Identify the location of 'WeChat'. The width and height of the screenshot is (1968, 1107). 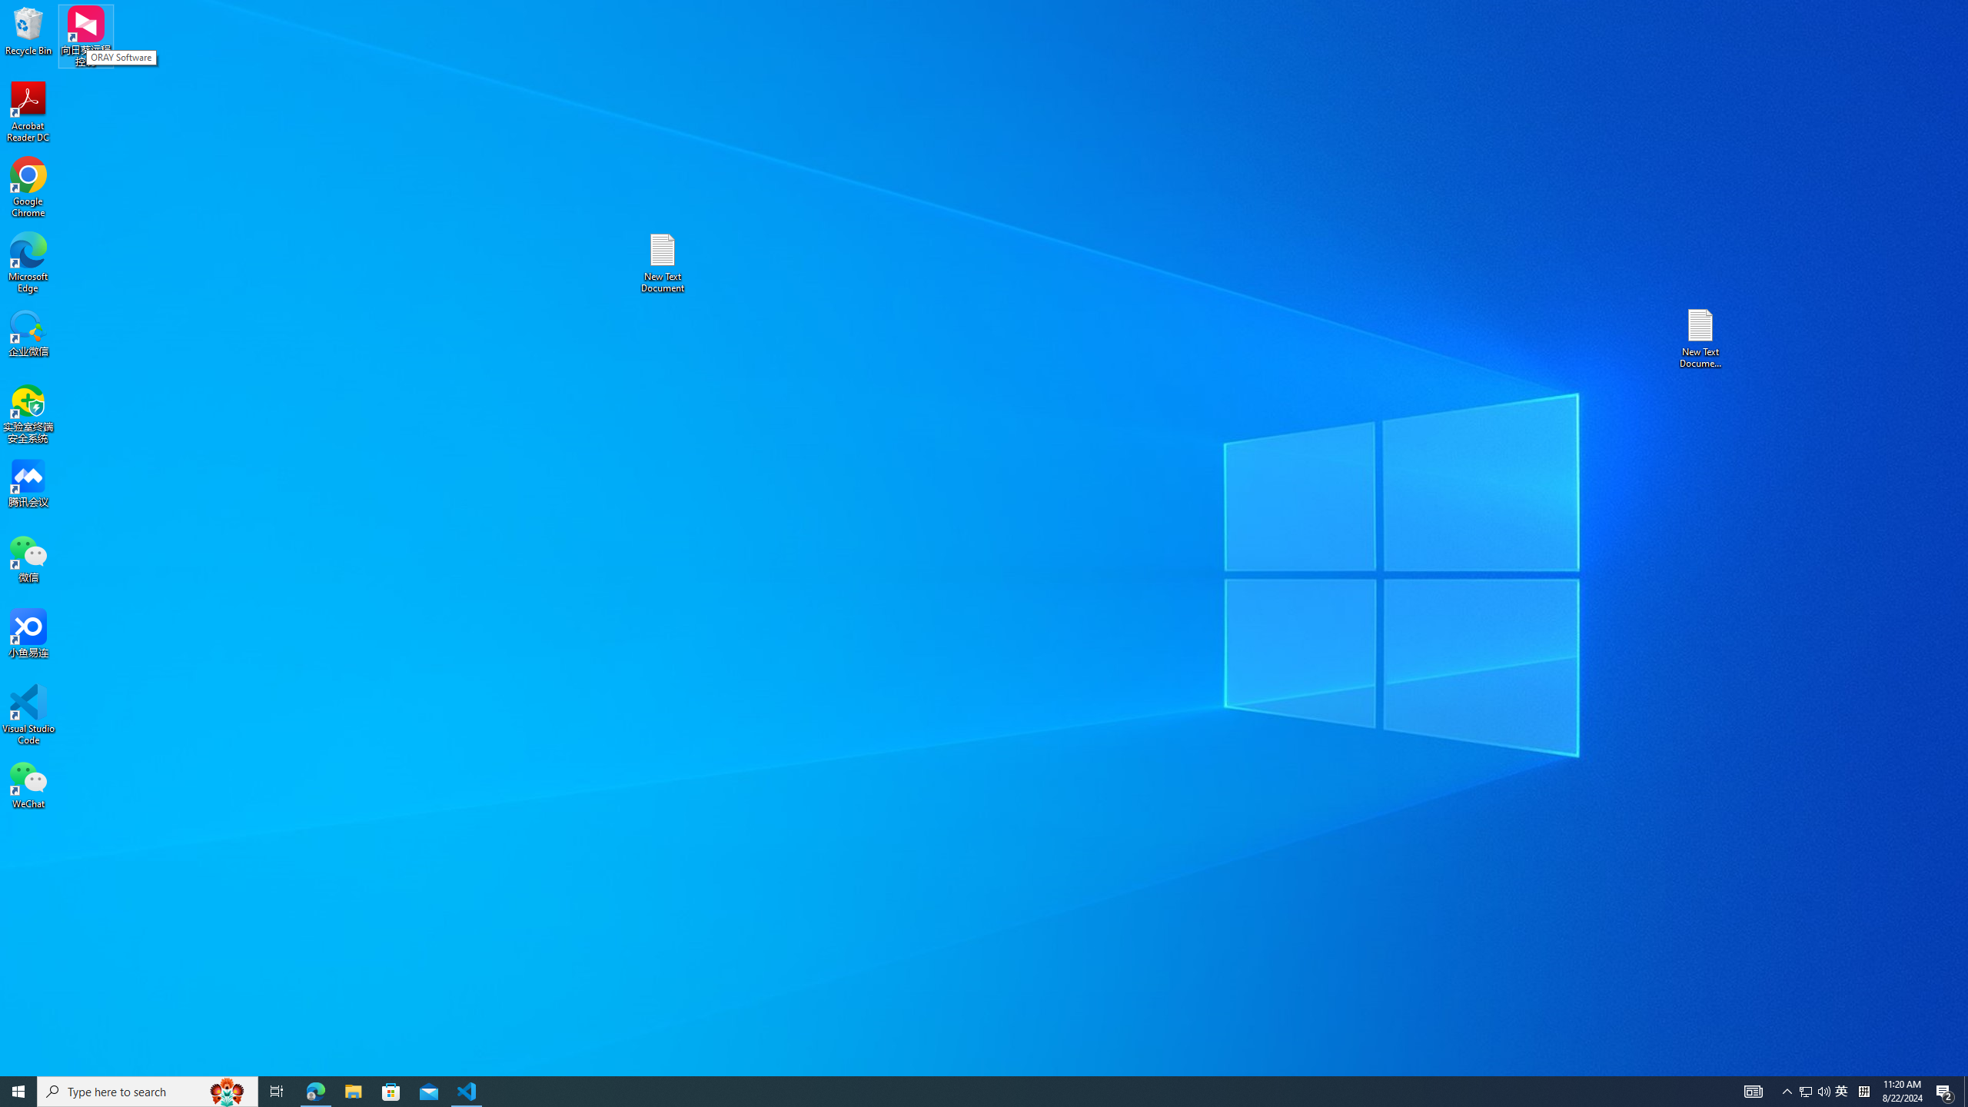
(28, 783).